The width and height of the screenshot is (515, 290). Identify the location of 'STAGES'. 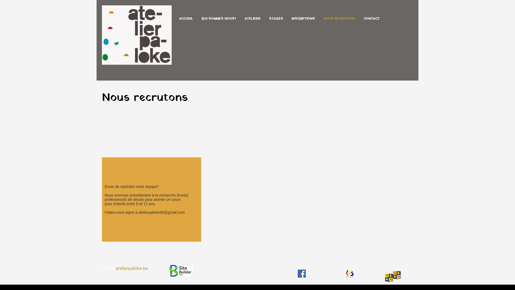
(276, 19).